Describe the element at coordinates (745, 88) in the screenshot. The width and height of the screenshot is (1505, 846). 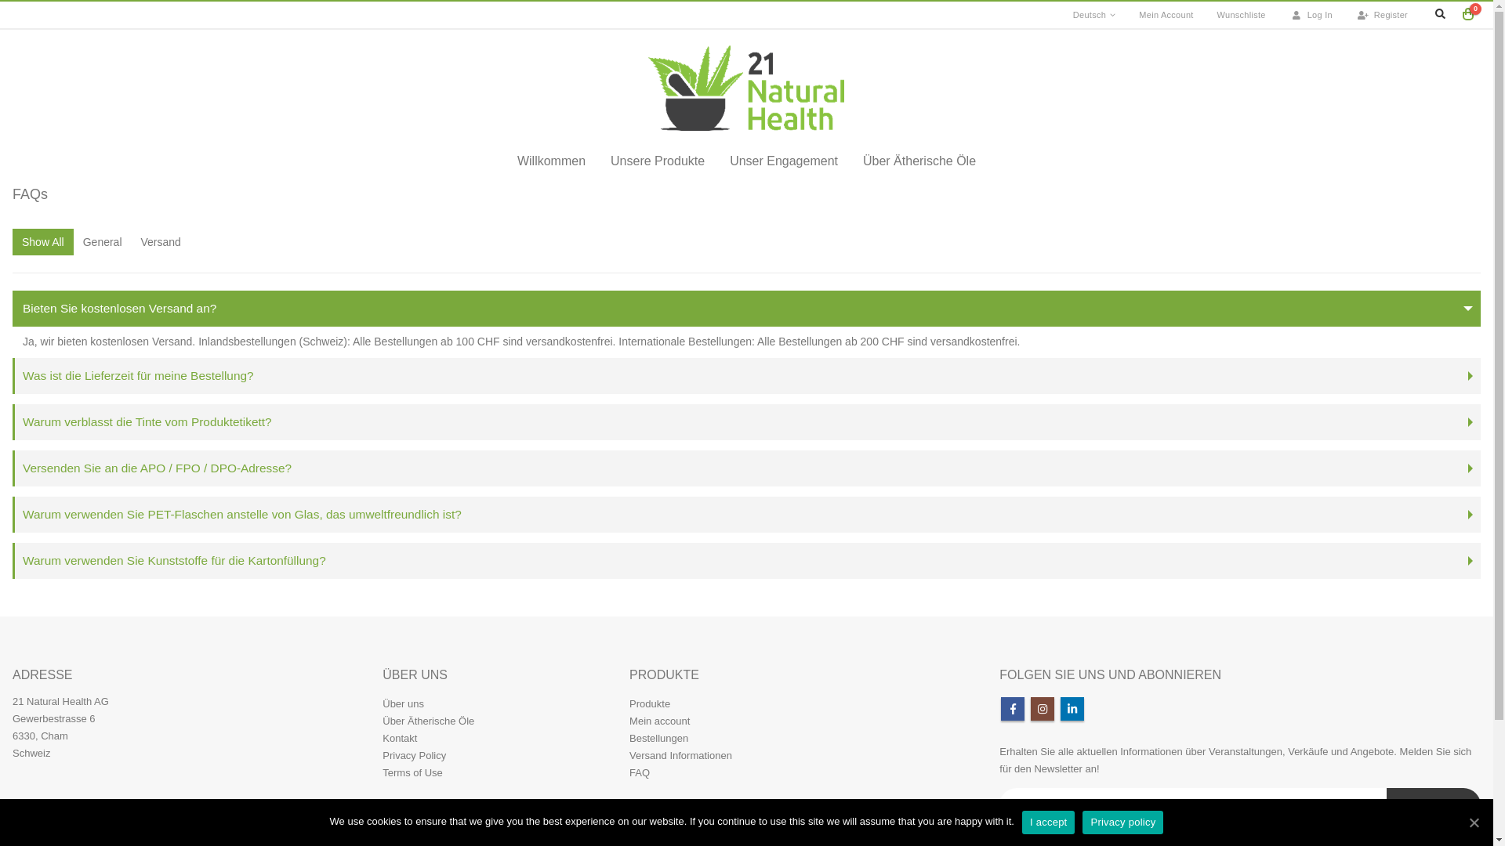
I see `'21 Natural Health - Pure and Powerful'` at that location.